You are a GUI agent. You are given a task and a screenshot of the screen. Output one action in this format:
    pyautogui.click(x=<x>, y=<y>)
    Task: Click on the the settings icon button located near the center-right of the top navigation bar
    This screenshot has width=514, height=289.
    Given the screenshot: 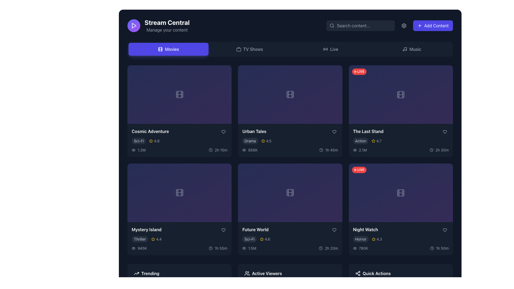 What is the action you would take?
    pyautogui.click(x=404, y=26)
    